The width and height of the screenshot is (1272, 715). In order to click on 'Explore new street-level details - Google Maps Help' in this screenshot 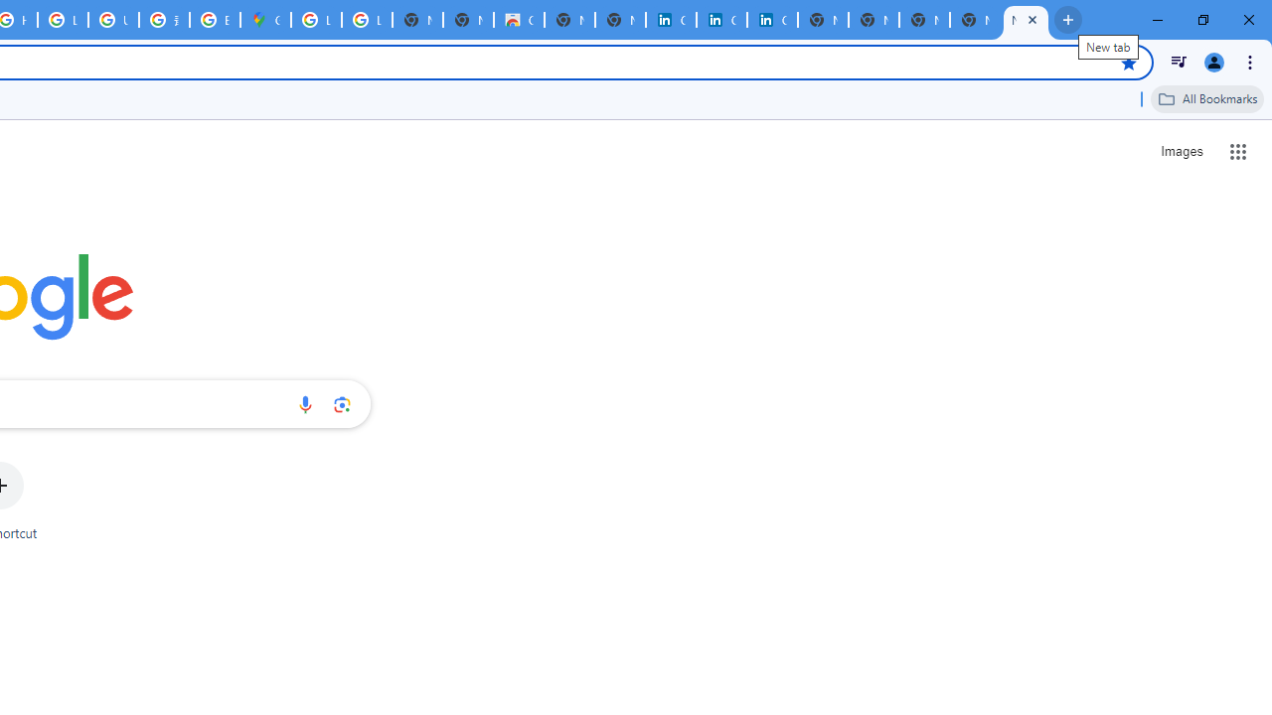, I will do `click(215, 20)`.